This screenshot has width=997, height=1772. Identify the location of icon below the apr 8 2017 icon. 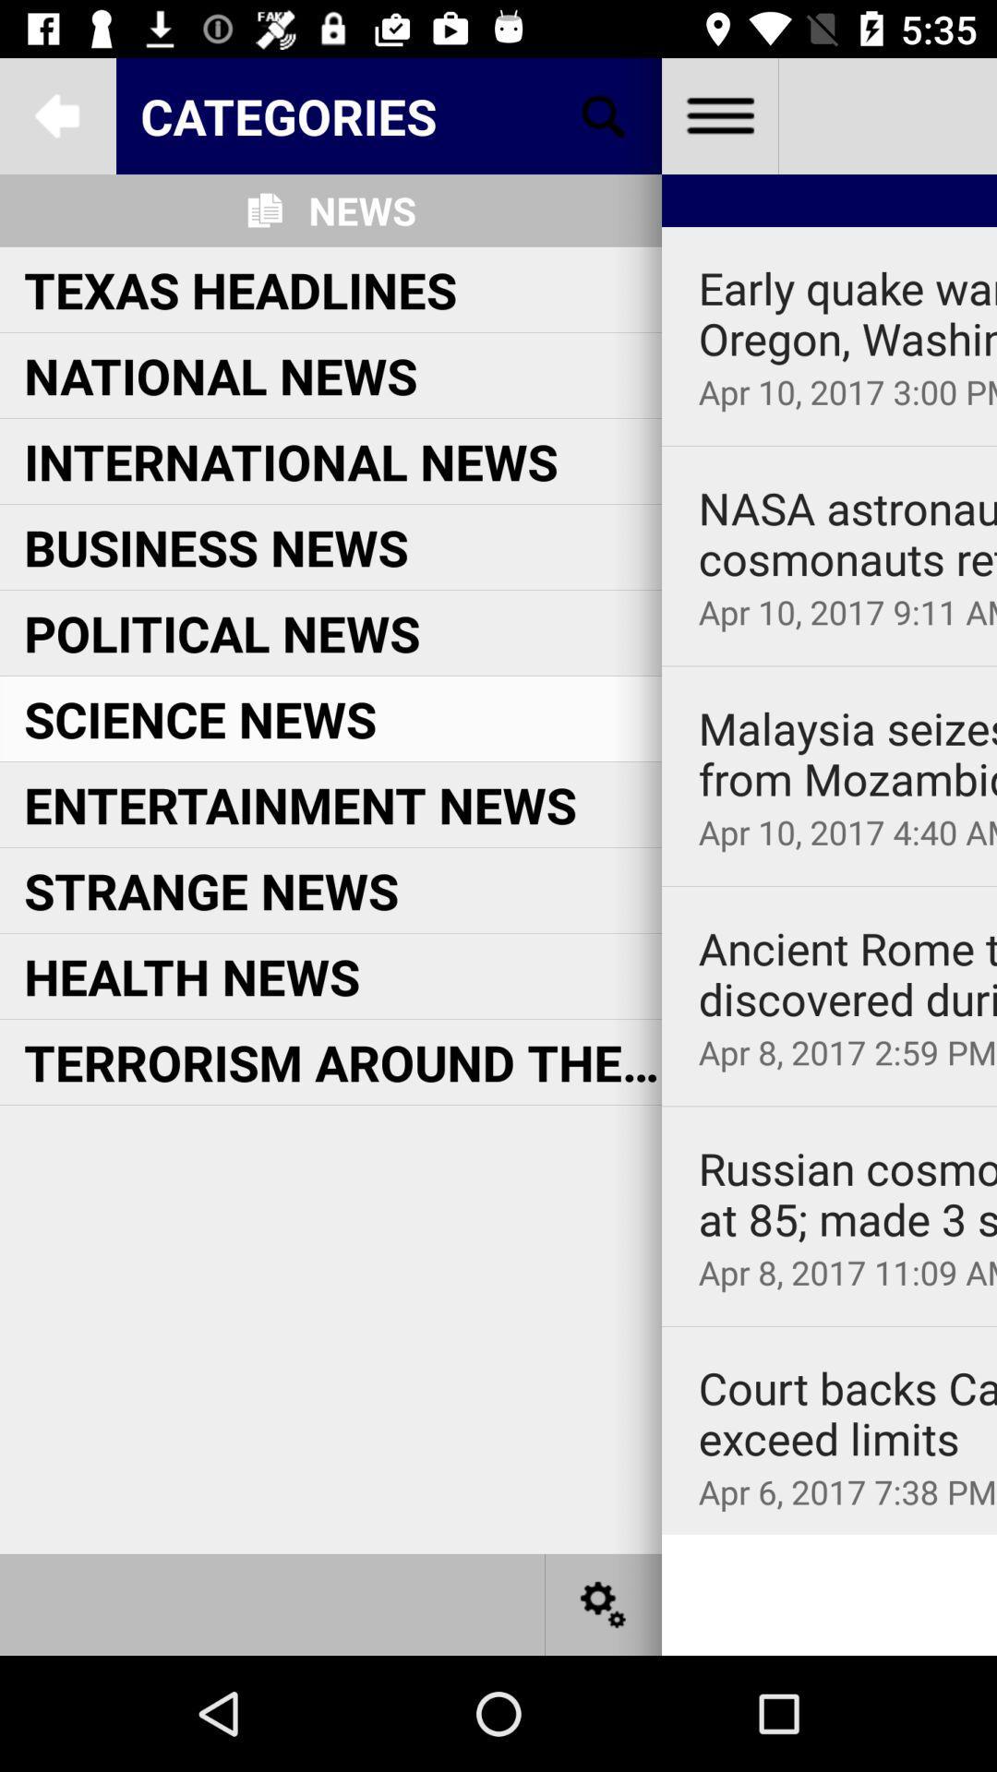
(828, 1325).